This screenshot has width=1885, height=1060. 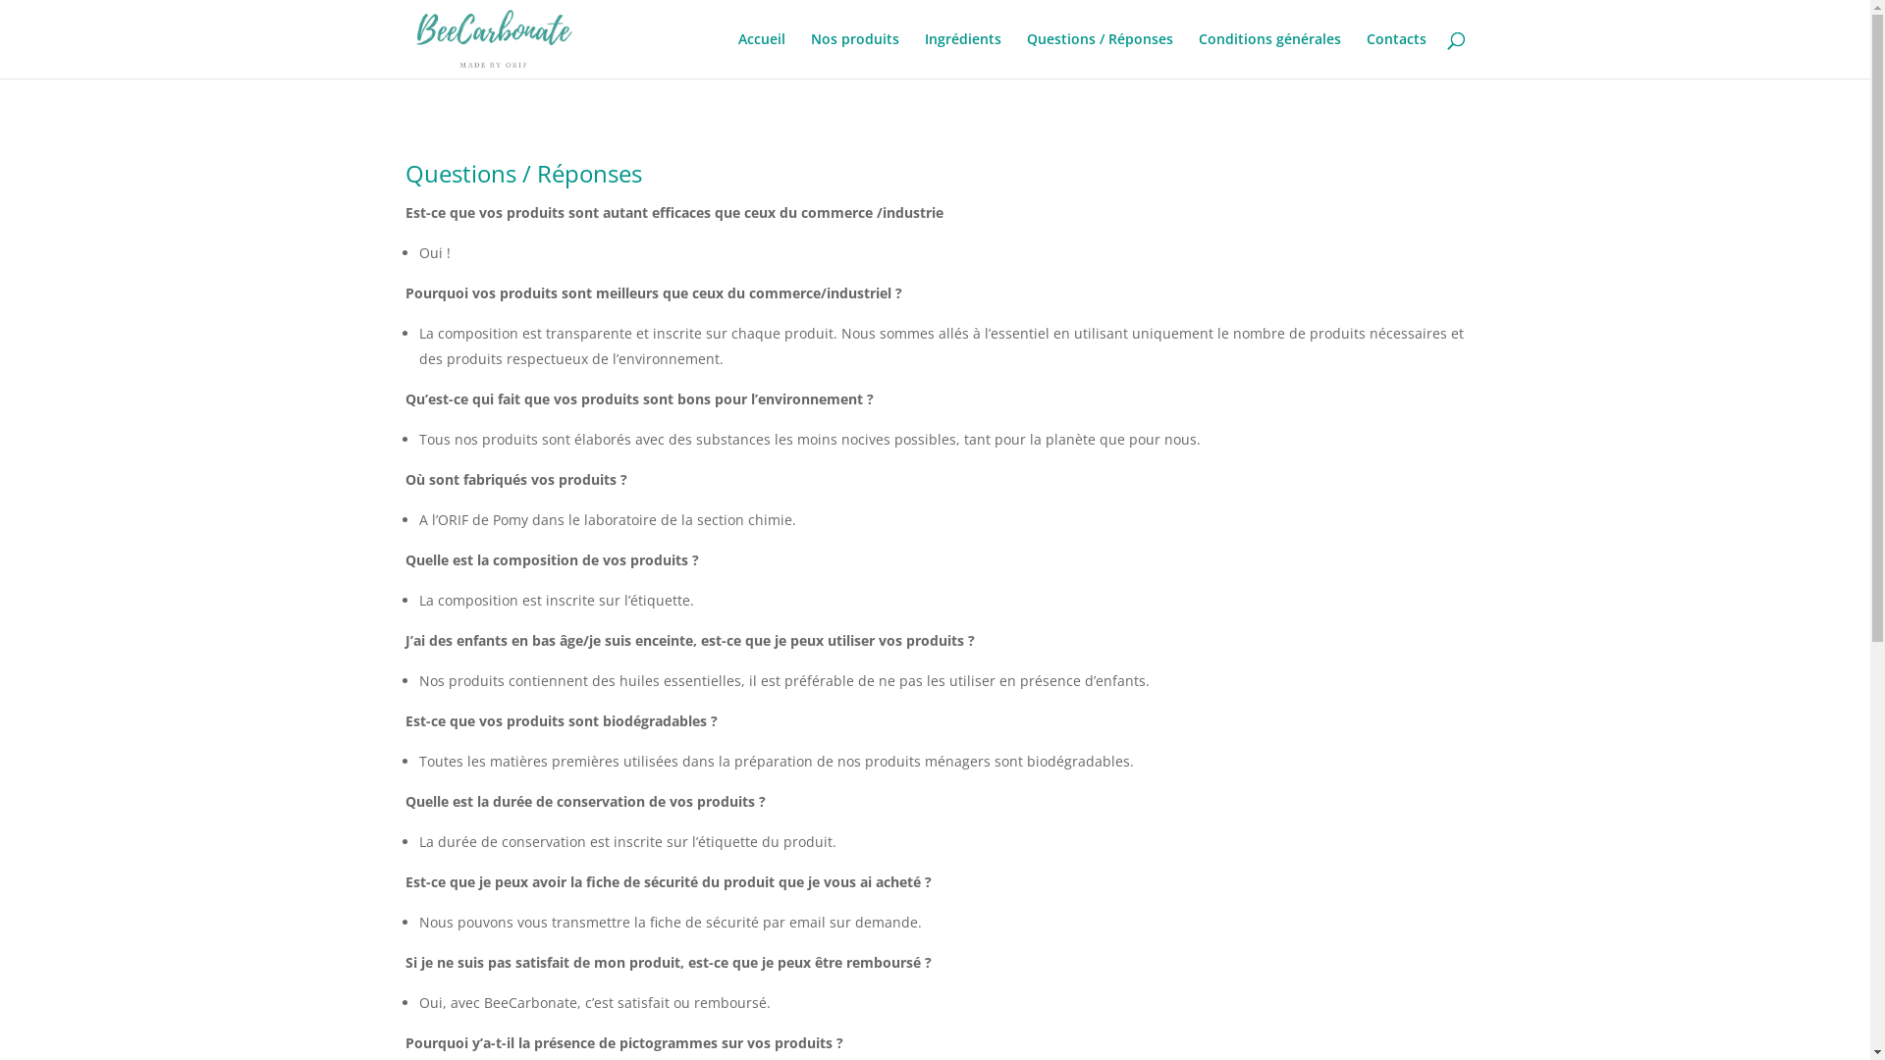 What do you see at coordinates (854, 54) in the screenshot?
I see `'Nos produits'` at bounding box center [854, 54].